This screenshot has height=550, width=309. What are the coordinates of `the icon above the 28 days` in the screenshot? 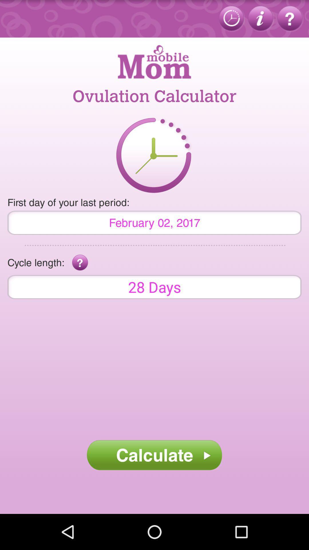 It's located at (80, 262).